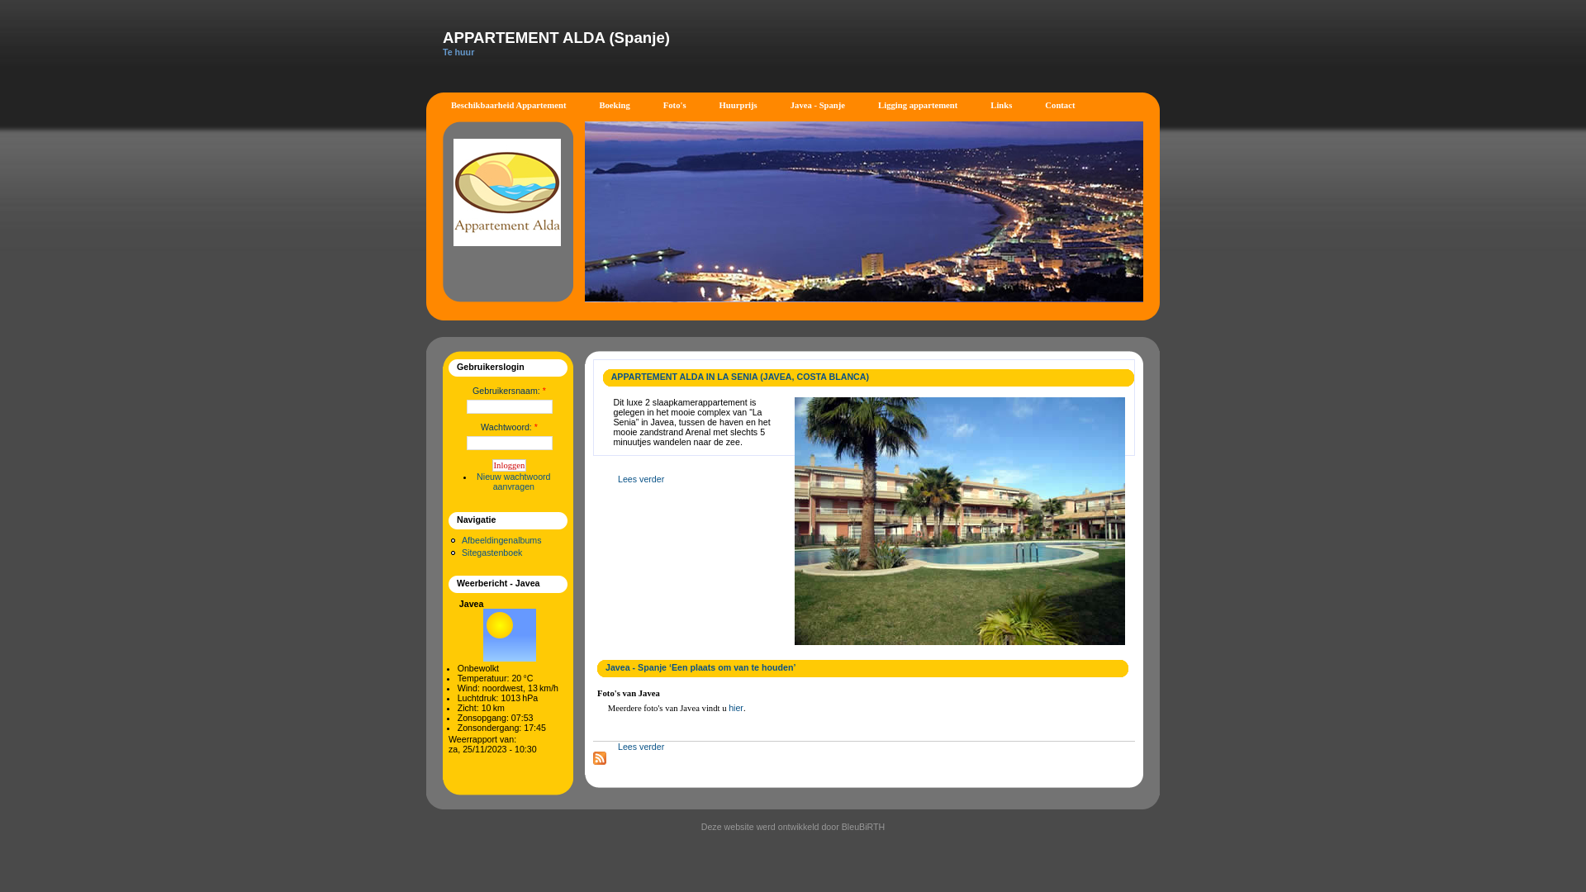  What do you see at coordinates (1059, 105) in the screenshot?
I see `'Contact'` at bounding box center [1059, 105].